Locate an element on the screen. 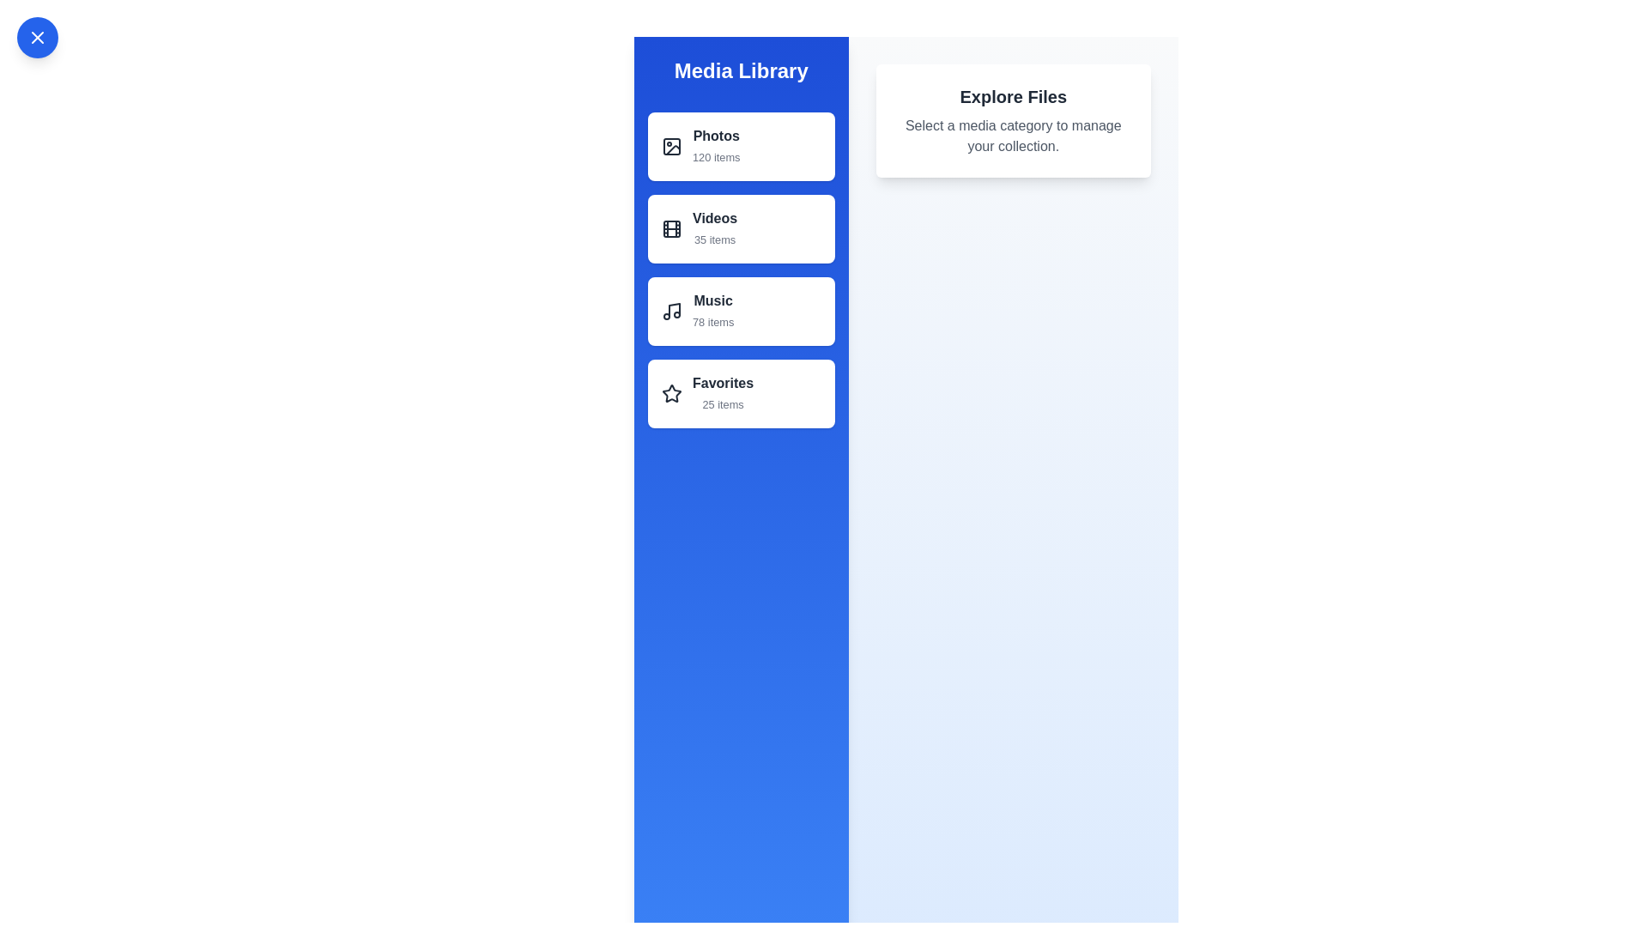 Image resolution: width=1648 pixels, height=927 pixels. the media category Videos from the list is located at coordinates (741, 227).